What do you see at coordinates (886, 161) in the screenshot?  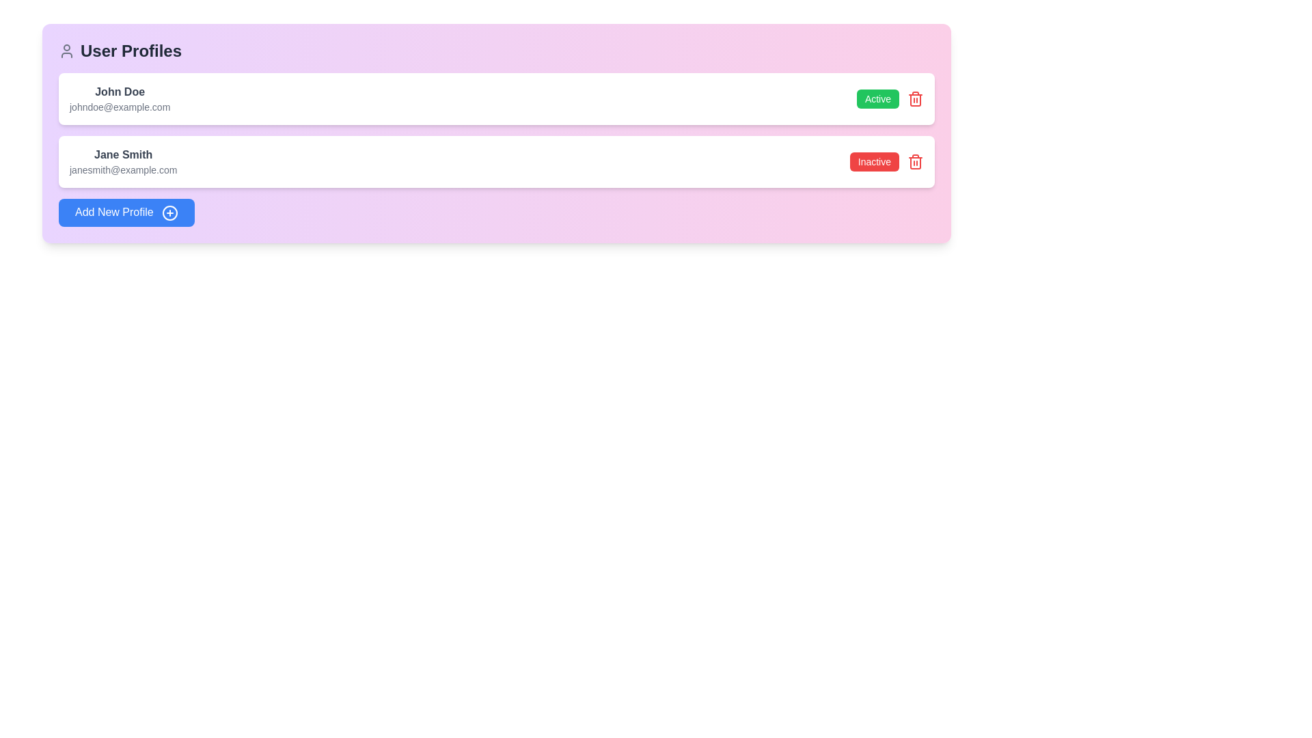 I see `the rectangular button labeled 'Inactive' with a red background located next to the red trashcan icon in Jane Smith's user profile` at bounding box center [886, 161].